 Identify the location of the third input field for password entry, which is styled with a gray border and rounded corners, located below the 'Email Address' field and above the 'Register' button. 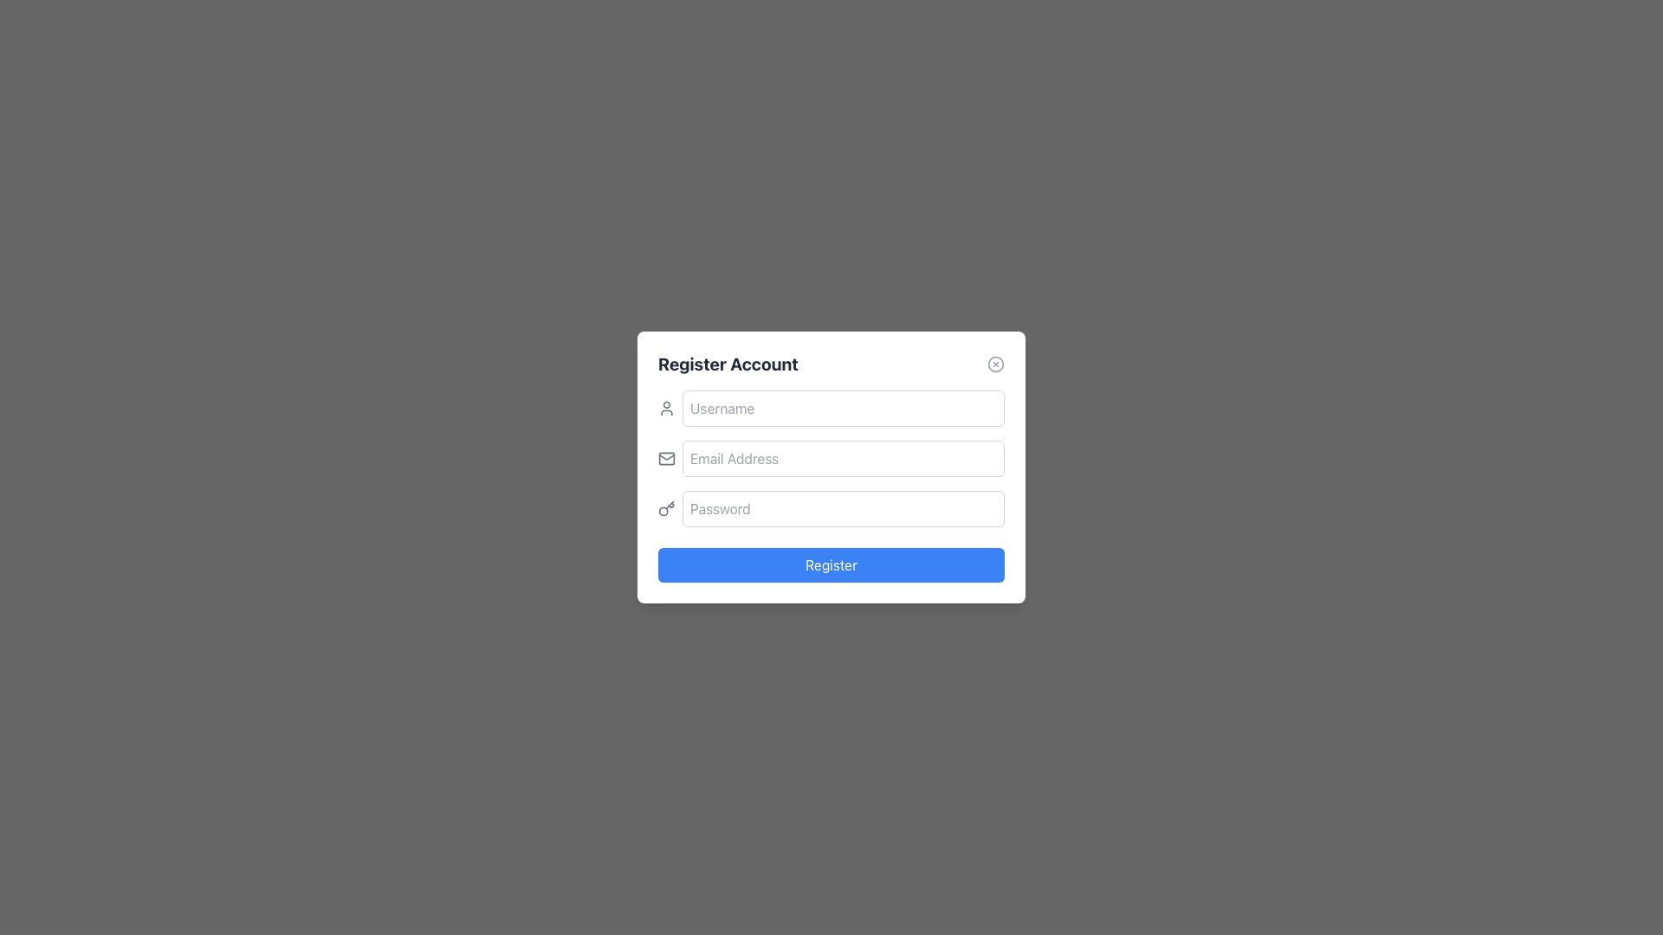
(831, 507).